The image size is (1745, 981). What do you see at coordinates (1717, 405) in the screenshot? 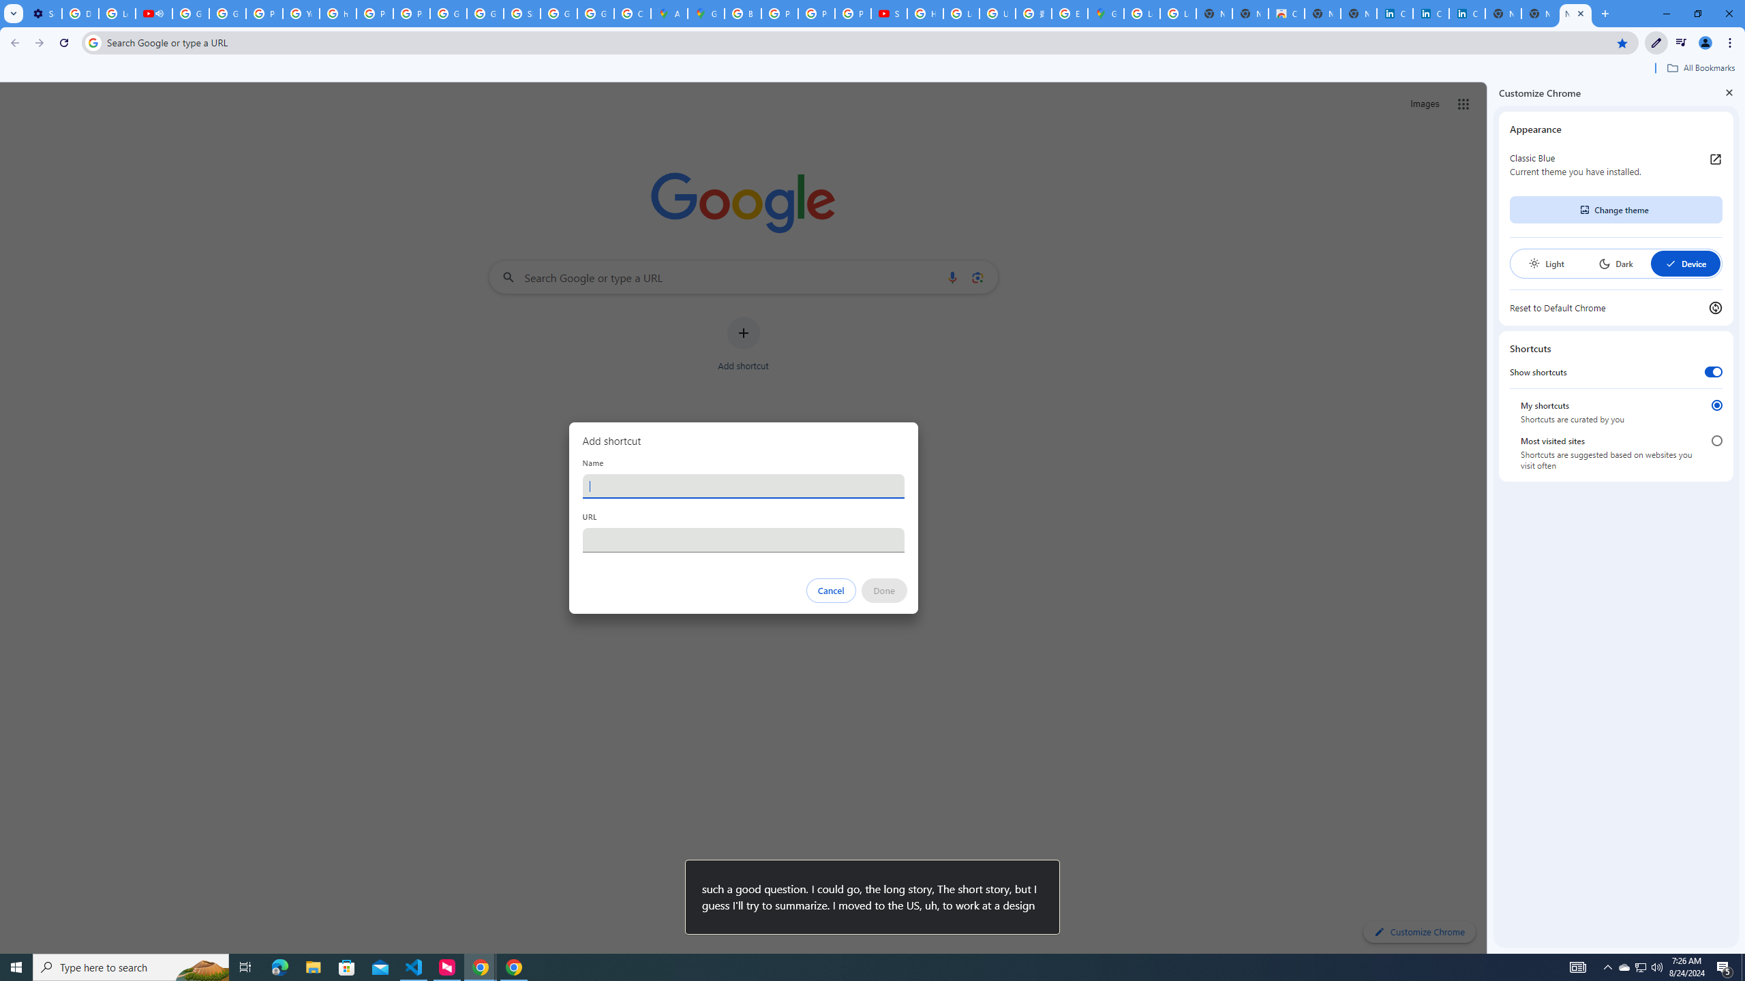
I see `'My shortcuts'` at bounding box center [1717, 405].